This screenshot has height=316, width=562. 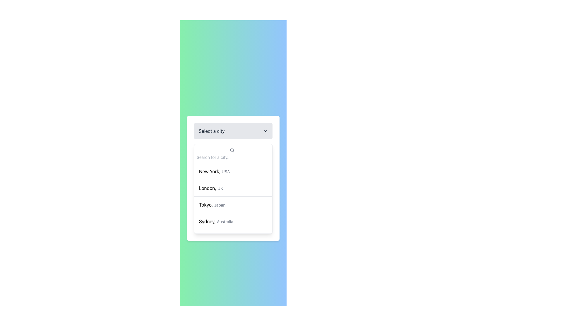 What do you see at coordinates (233, 178) in the screenshot?
I see `to select the city option 'New York, USA' from the dropdown list, which is the first selectable option directly under the 'Search for a city...' input field` at bounding box center [233, 178].